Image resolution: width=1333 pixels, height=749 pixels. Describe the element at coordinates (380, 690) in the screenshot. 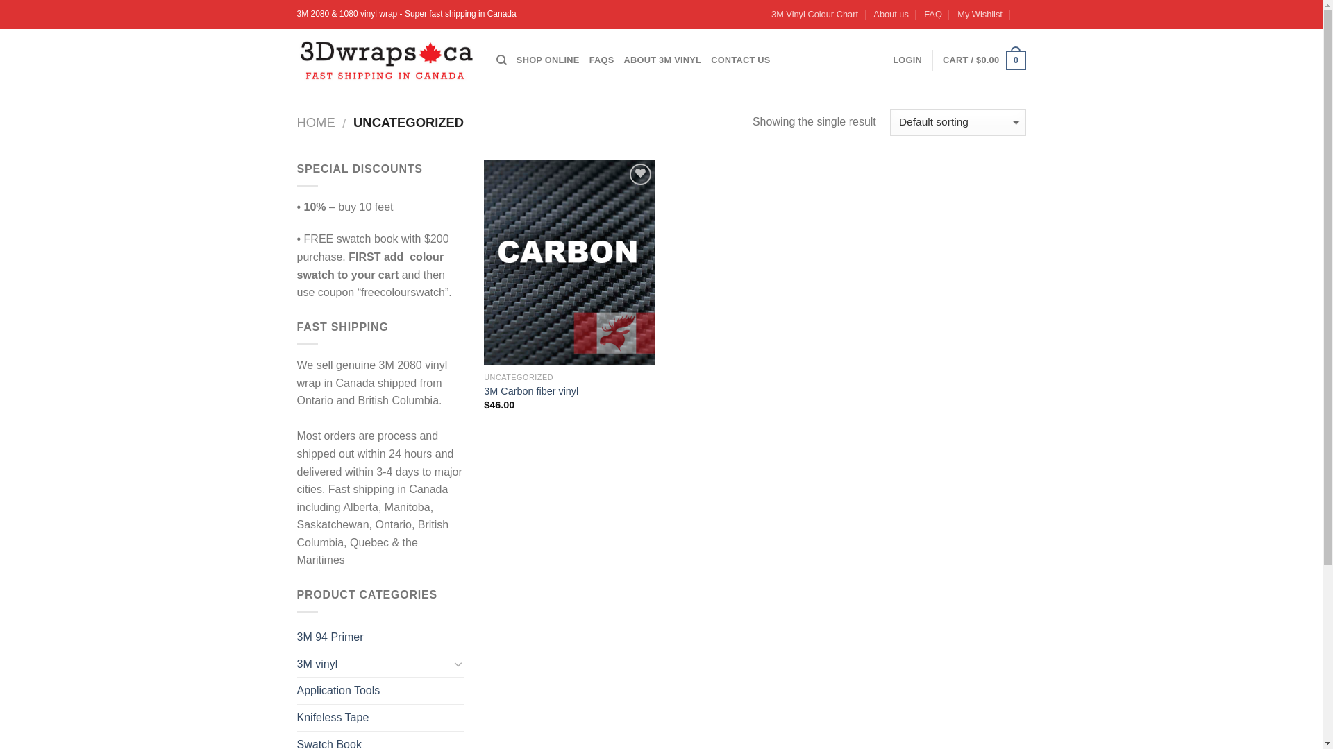

I see `'Application Tools'` at that location.